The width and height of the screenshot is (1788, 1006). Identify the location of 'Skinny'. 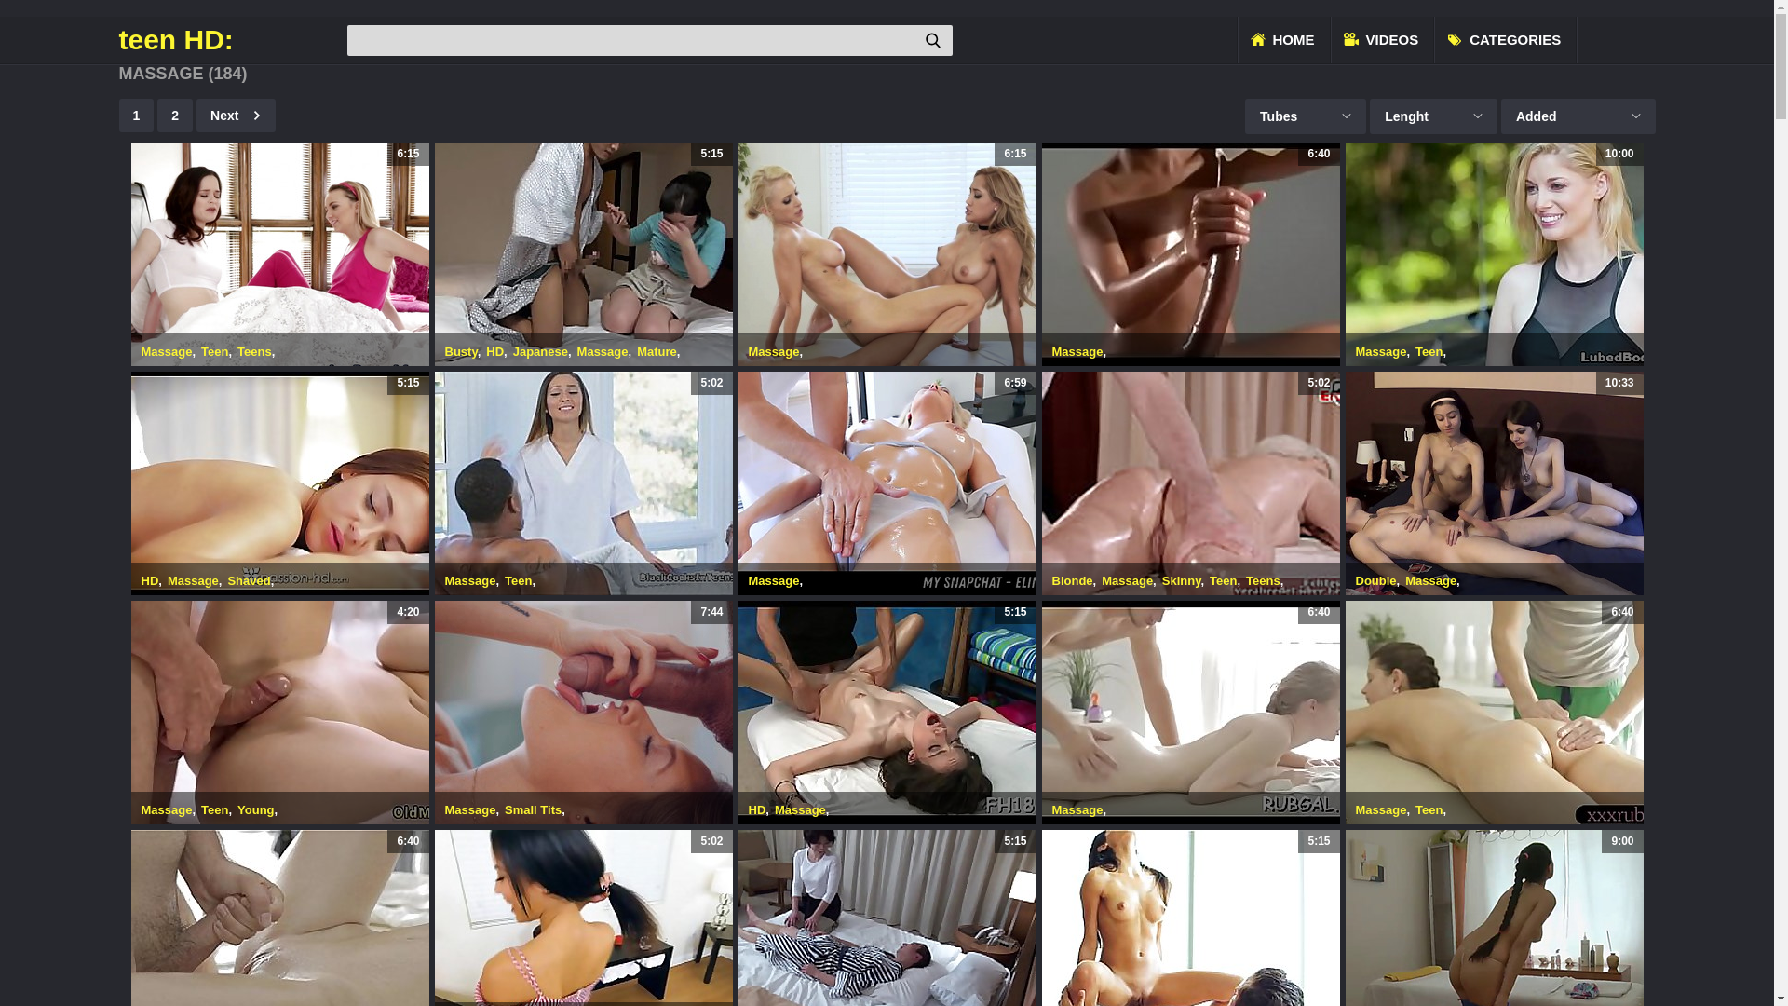
(1161, 579).